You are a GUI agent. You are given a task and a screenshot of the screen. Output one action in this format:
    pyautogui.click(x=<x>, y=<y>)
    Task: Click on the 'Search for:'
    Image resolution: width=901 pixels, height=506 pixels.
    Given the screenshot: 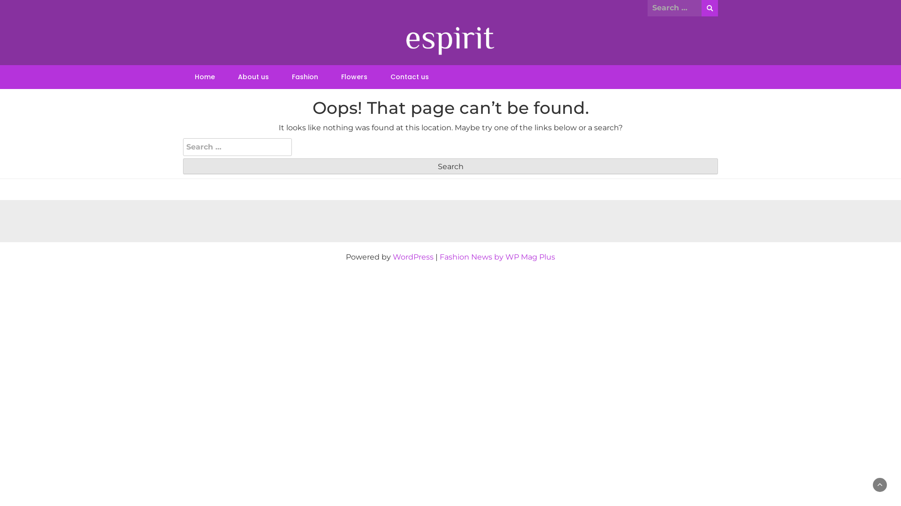 What is the action you would take?
    pyautogui.click(x=674, y=7)
    